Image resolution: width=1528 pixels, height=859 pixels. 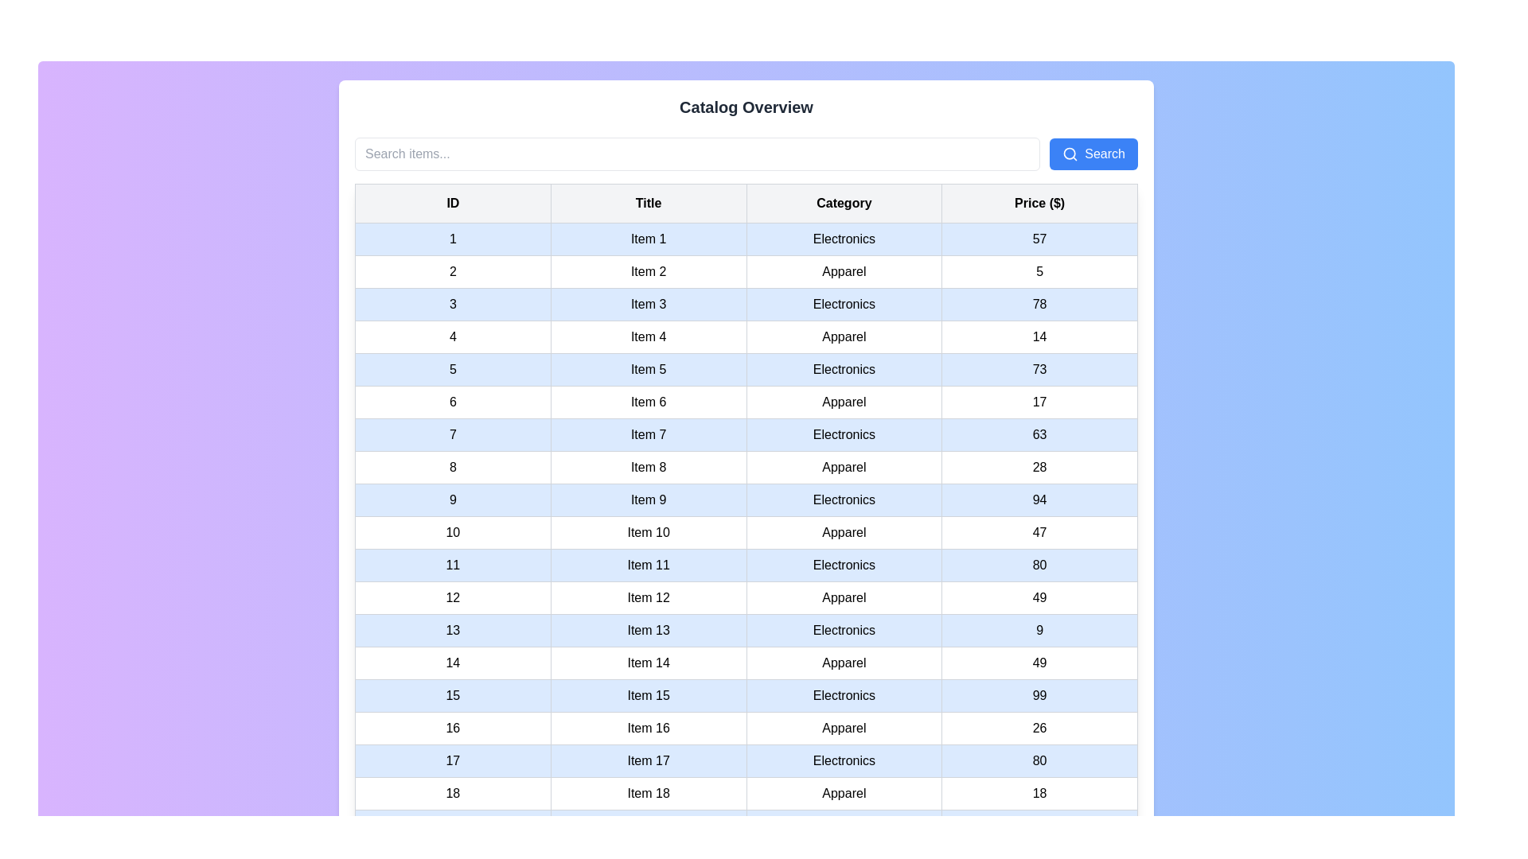 I want to click on the individual cells of the table row summarizing details for 'Item 9' in the 'Electronics' category, so click(x=745, y=499).